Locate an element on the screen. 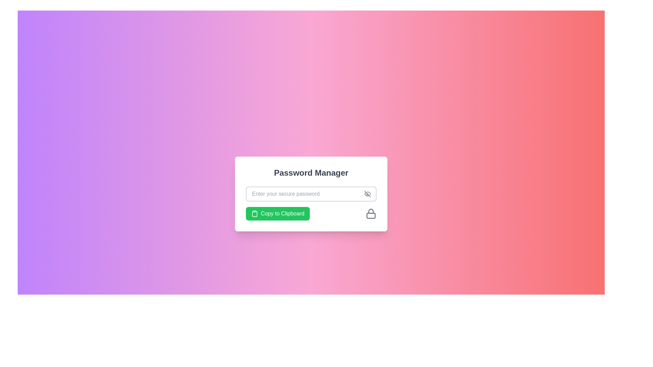  the Icon button located inside the 'Password Manager' component modal is located at coordinates (367, 194).